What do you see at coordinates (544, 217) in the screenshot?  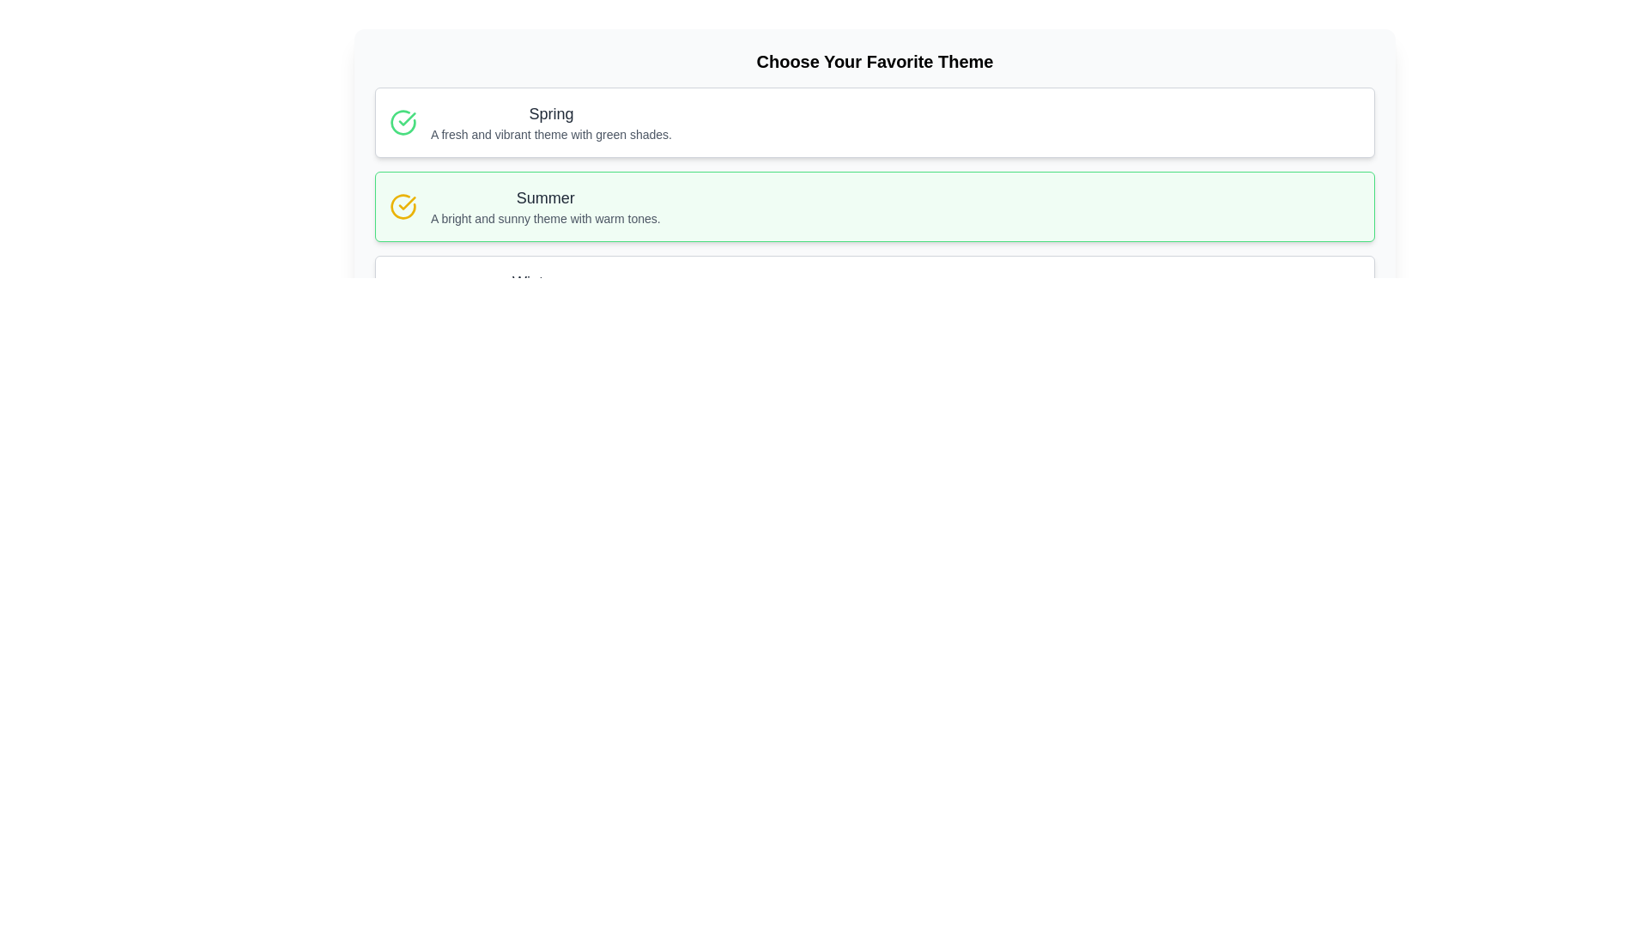 I see `descriptive text label that provides additional details about the 'Summer' theme, positioned beneath the main 'Summer' text` at bounding box center [544, 217].